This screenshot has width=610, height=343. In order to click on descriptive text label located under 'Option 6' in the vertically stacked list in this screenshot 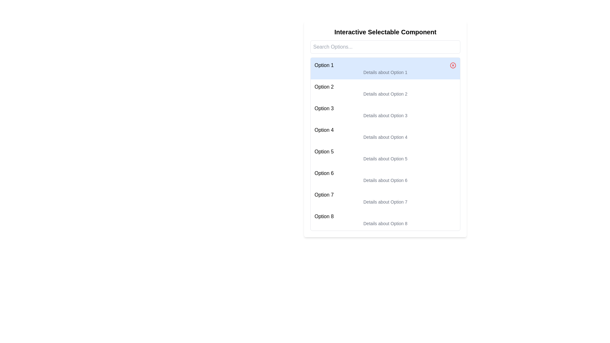, I will do `click(385, 180)`.